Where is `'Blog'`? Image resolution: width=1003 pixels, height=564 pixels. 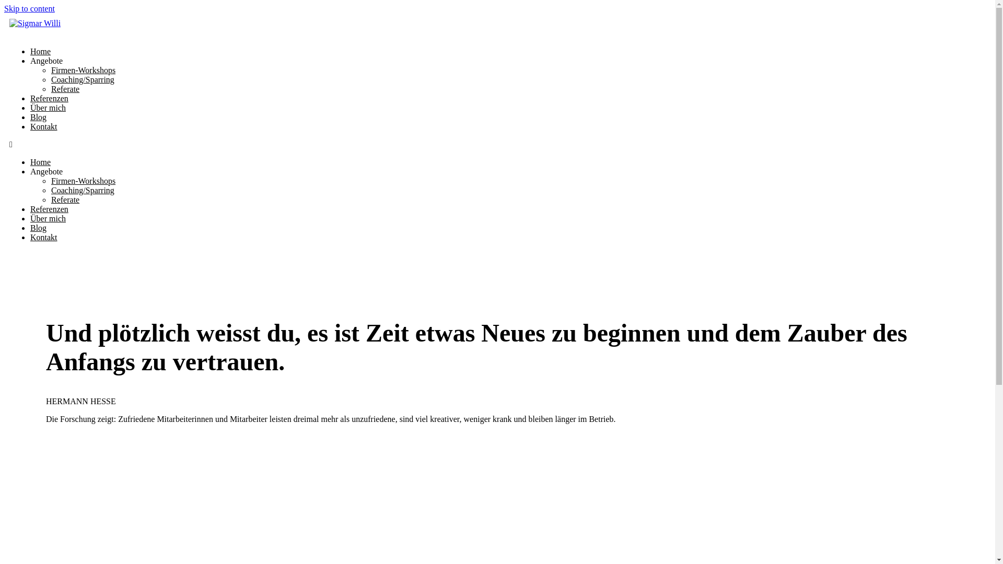 'Blog' is located at coordinates (38, 117).